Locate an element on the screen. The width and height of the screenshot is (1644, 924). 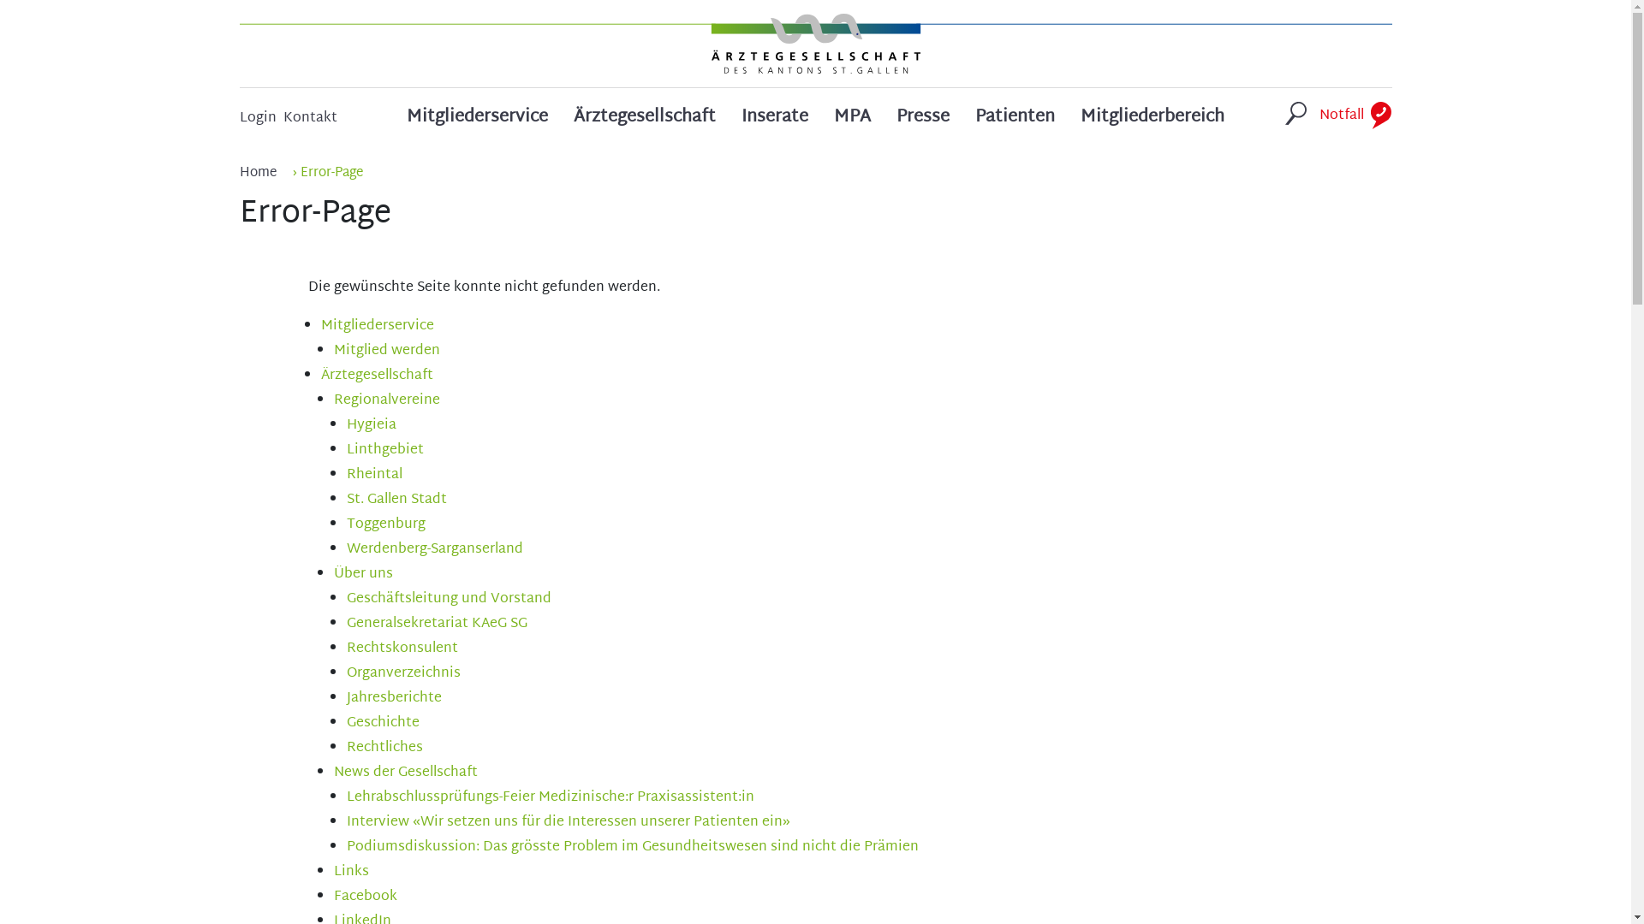
'Hygieia' is located at coordinates (344, 424).